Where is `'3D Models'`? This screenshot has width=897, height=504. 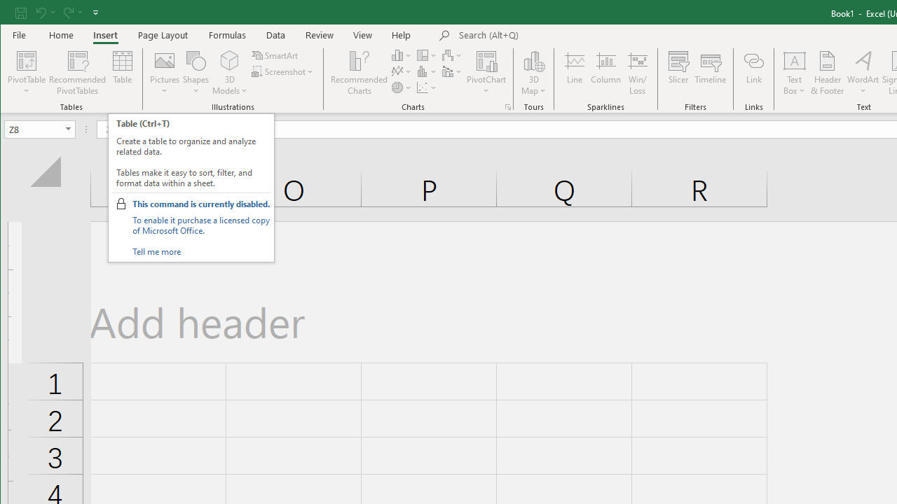 '3D Models' is located at coordinates (230, 73).